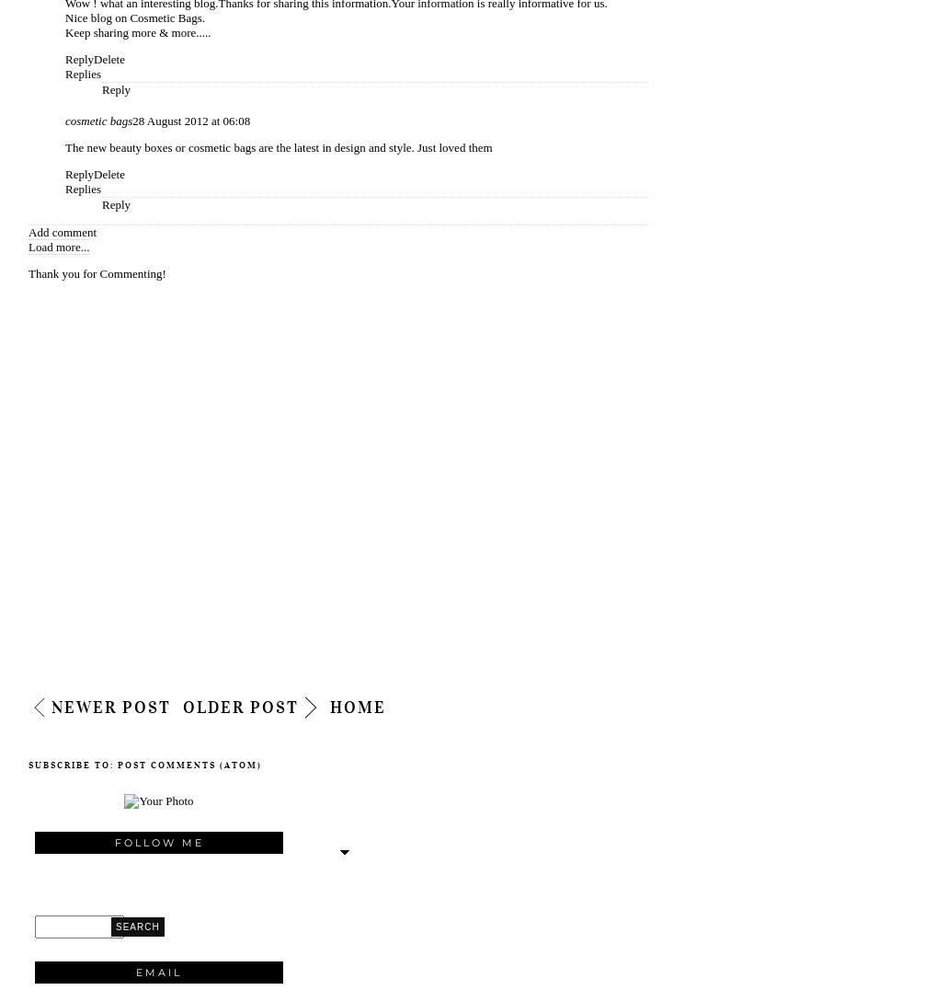  I want to click on 'Keep sharing more & more.....', so click(136, 30).